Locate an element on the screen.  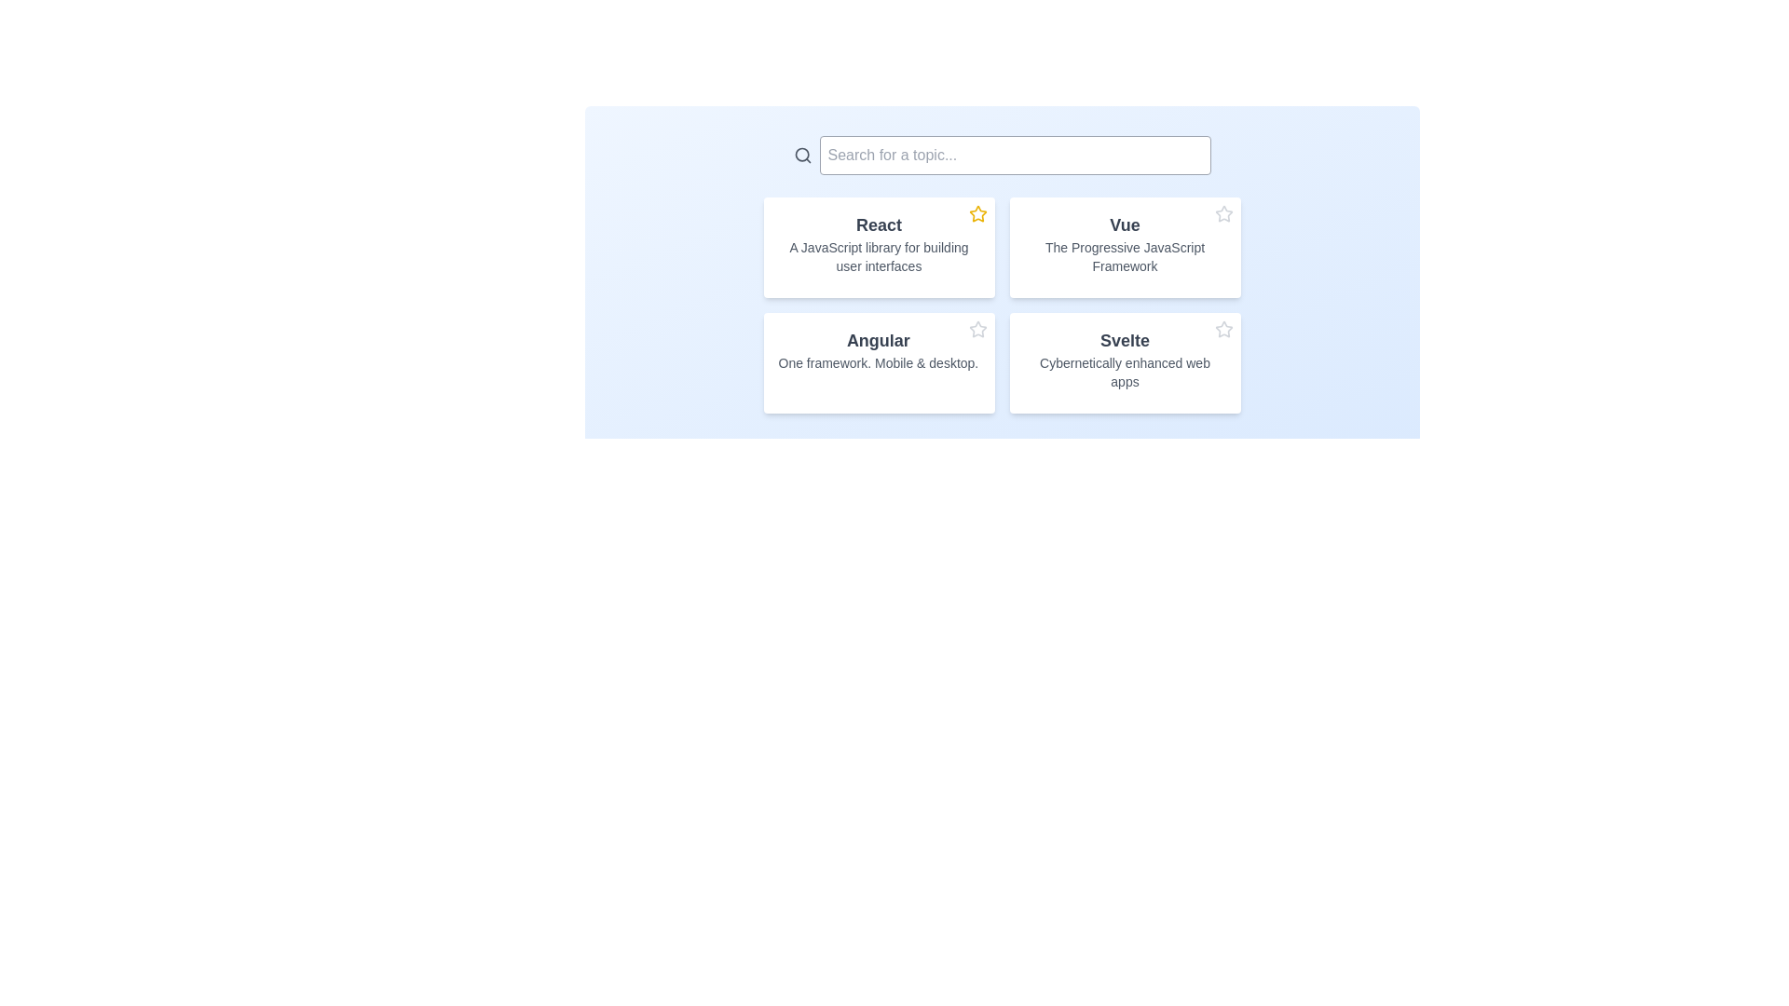
the text label that serves as the title or header for the second card in the top row of the 2x2 grid layout is located at coordinates (1124, 224).